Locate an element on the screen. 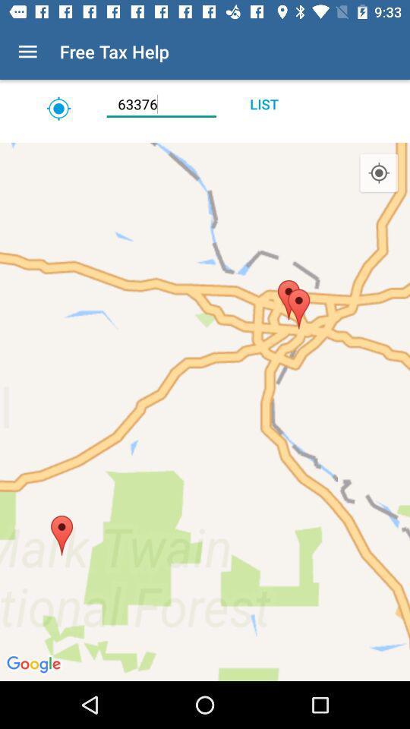  icon to the left of the list is located at coordinates (160, 103).